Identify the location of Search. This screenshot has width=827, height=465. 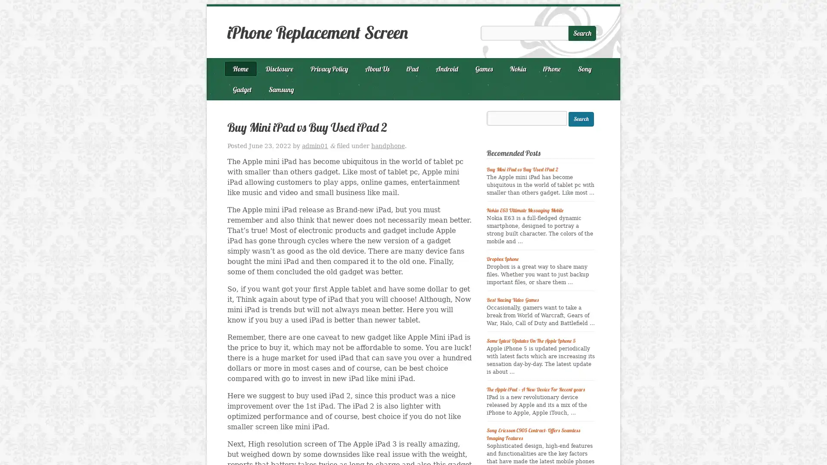
(582, 33).